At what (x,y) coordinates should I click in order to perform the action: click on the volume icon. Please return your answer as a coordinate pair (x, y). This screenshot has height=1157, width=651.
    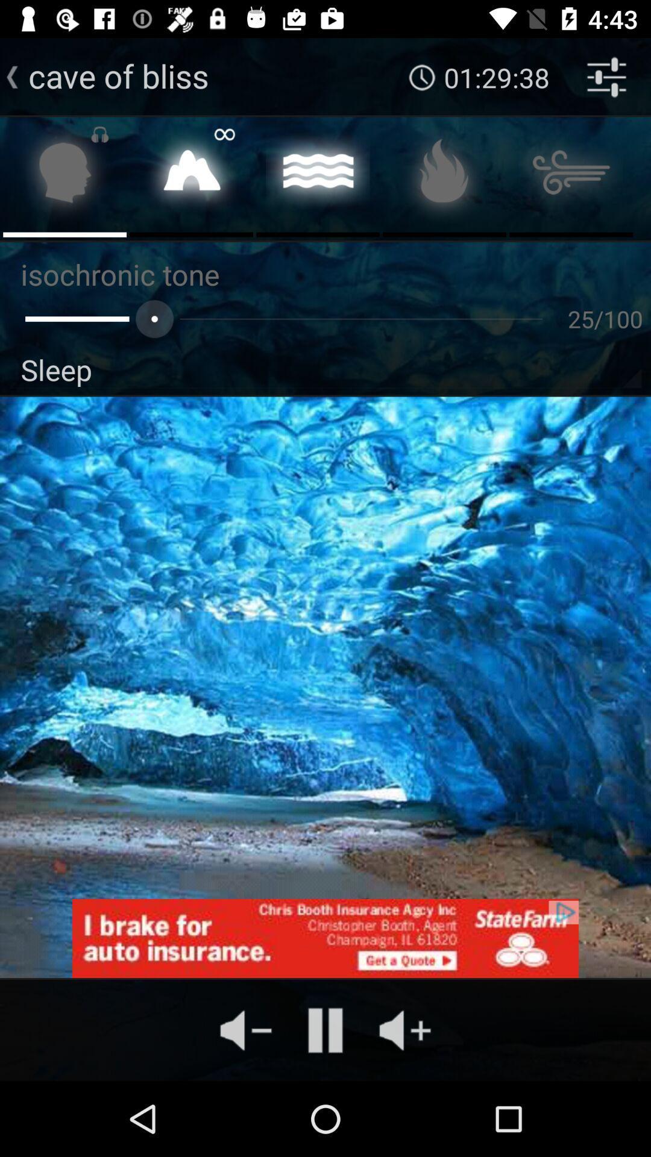
    Looking at the image, I should click on (404, 1029).